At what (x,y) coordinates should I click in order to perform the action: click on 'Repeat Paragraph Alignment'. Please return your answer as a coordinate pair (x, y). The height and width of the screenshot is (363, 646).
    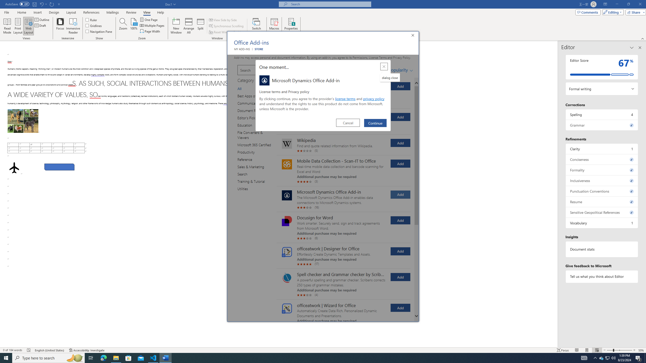
    Looking at the image, I should click on (52, 4).